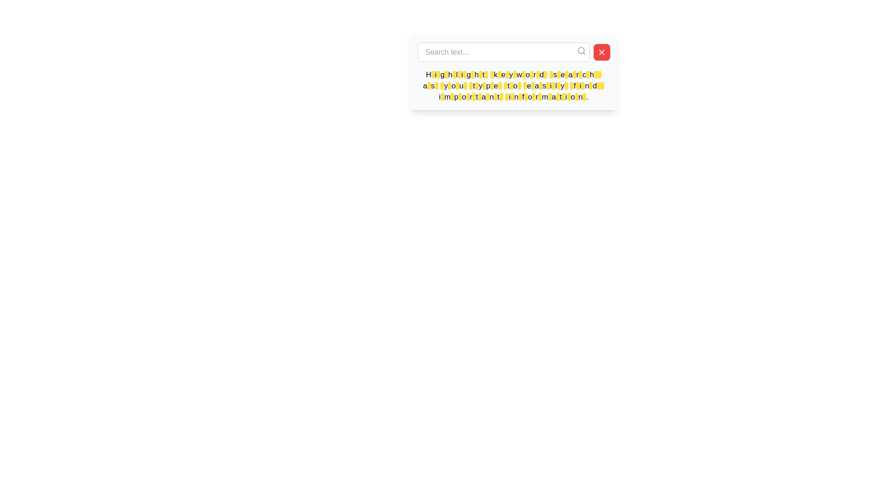 The image size is (889, 500). Describe the element at coordinates (454, 74) in the screenshot. I see `the visual highlight for the word 'Highlight' in the fourth segment of the text, which serves as a visual marker for emphasis` at that location.